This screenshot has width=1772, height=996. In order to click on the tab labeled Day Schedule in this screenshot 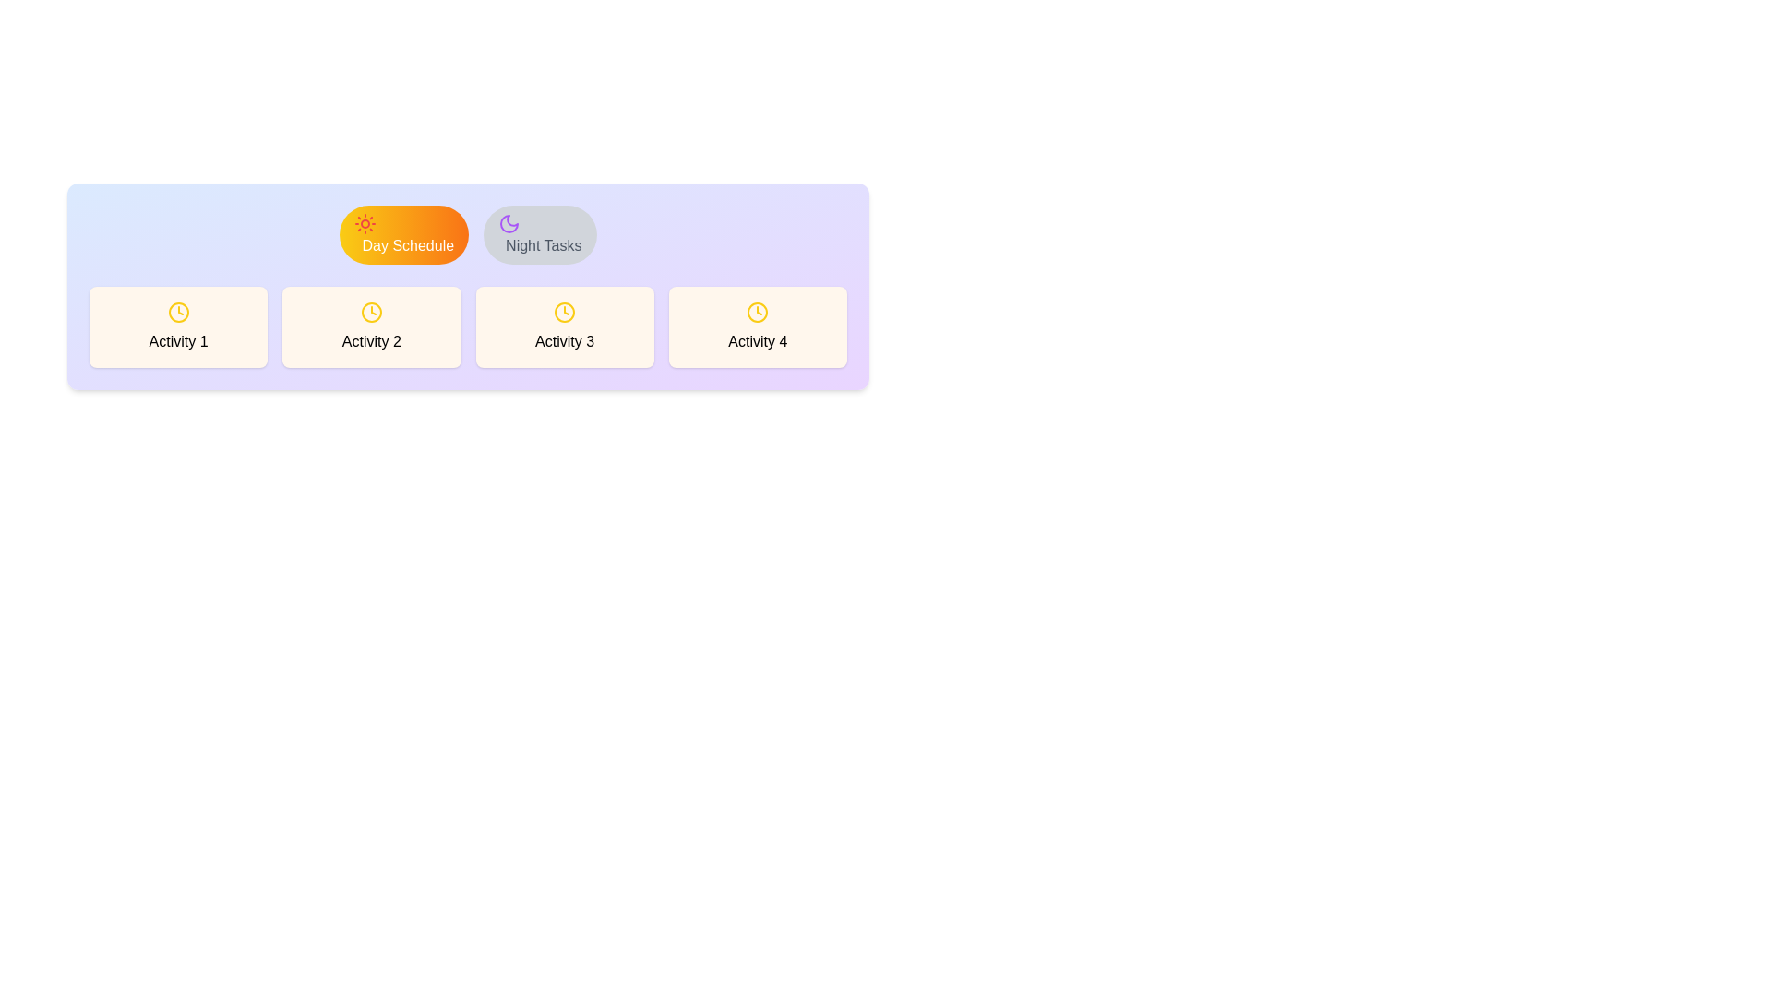, I will do `click(402, 233)`.